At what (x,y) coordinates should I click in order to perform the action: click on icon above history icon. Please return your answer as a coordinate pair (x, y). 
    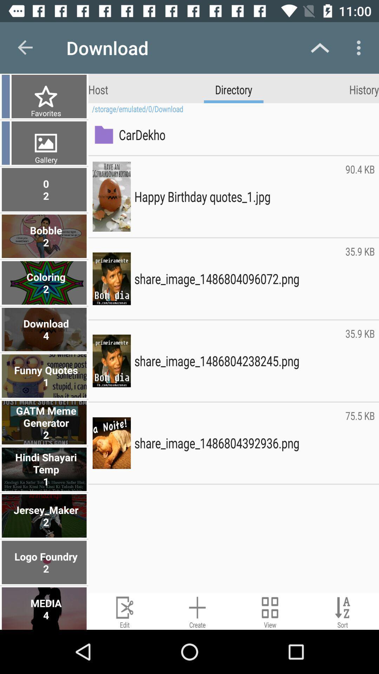
    Looking at the image, I should click on (360, 47).